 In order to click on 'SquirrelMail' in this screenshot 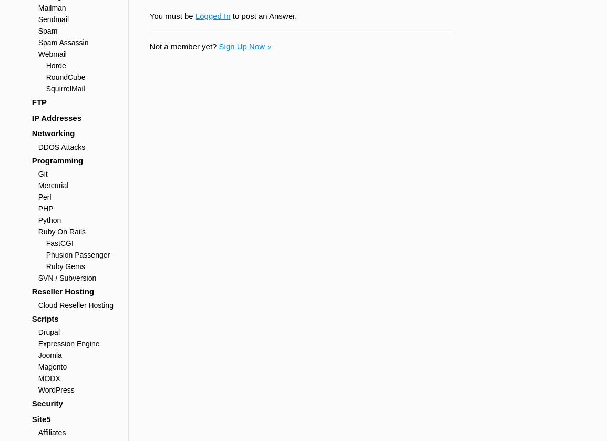, I will do `click(65, 88)`.